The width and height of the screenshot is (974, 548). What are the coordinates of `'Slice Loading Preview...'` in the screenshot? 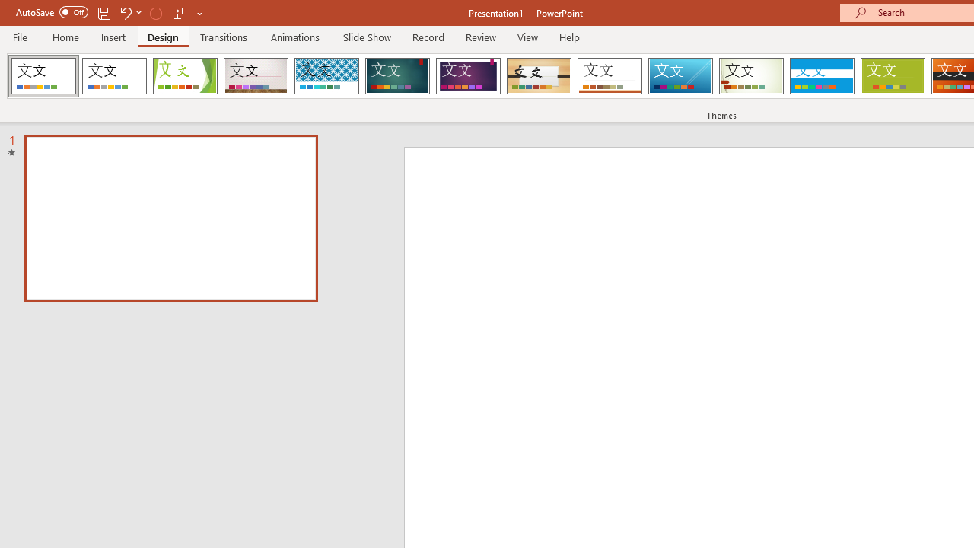 It's located at (680, 76).